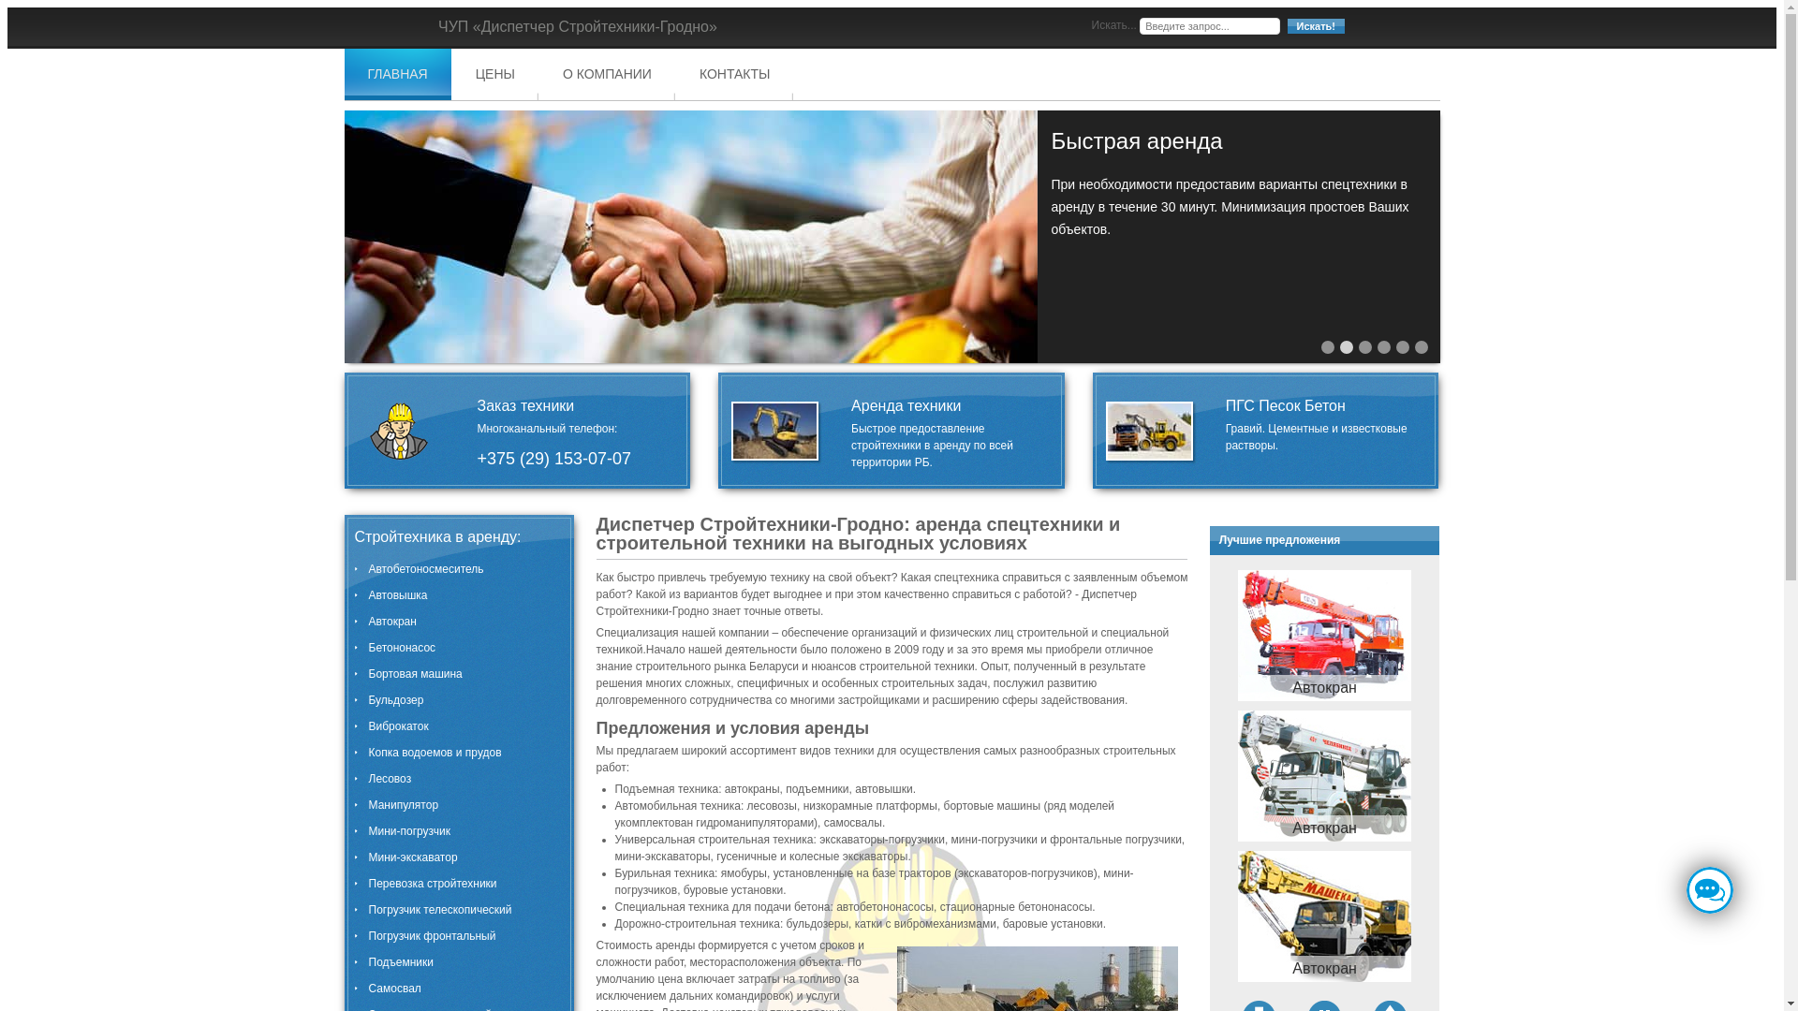 Image resolution: width=1798 pixels, height=1011 pixels. Describe the element at coordinates (553, 458) in the screenshot. I see `'+375 (29) 153-07-07'` at that location.